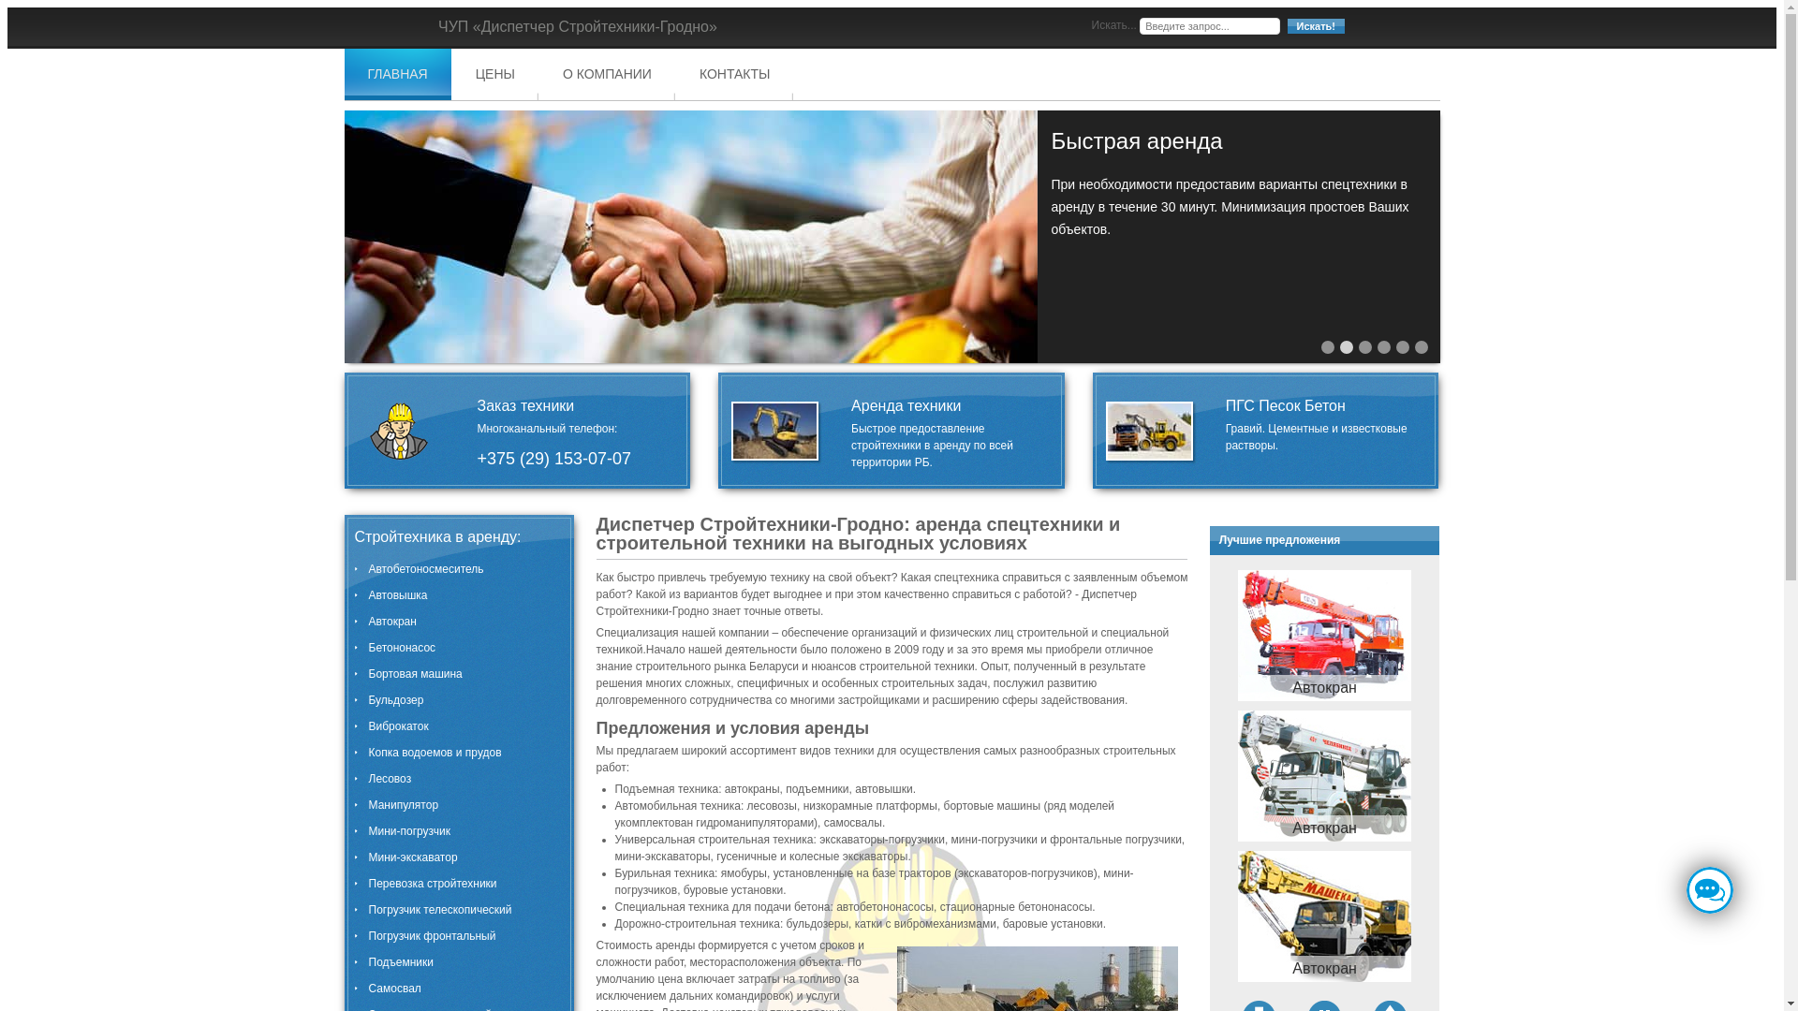 Image resolution: width=1798 pixels, height=1011 pixels. Describe the element at coordinates (553, 458) in the screenshot. I see `'+375 (29) 153-07-07'` at that location.